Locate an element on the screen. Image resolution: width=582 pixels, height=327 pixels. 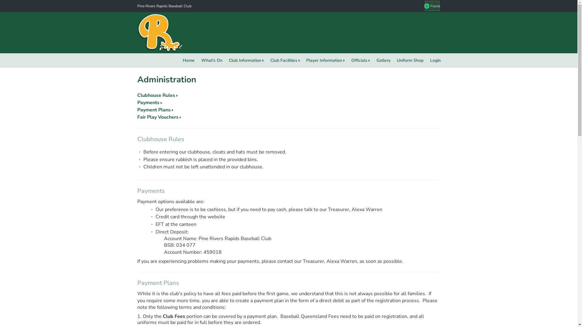
'Uniform Shop' is located at coordinates (393, 61).